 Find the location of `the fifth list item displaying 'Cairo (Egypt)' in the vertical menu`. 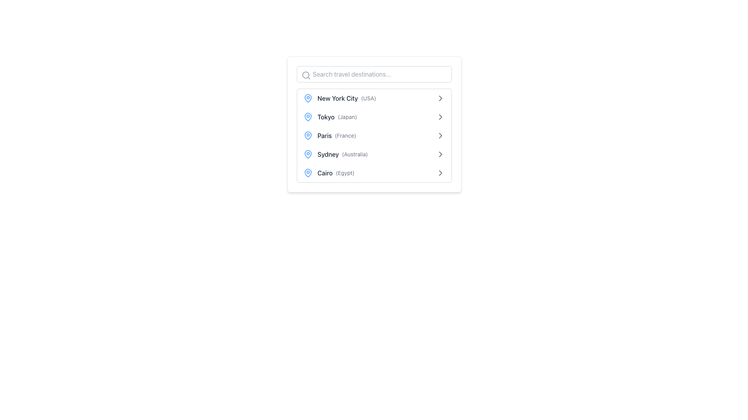

the fifth list item displaying 'Cairo (Egypt)' in the vertical menu is located at coordinates (374, 172).